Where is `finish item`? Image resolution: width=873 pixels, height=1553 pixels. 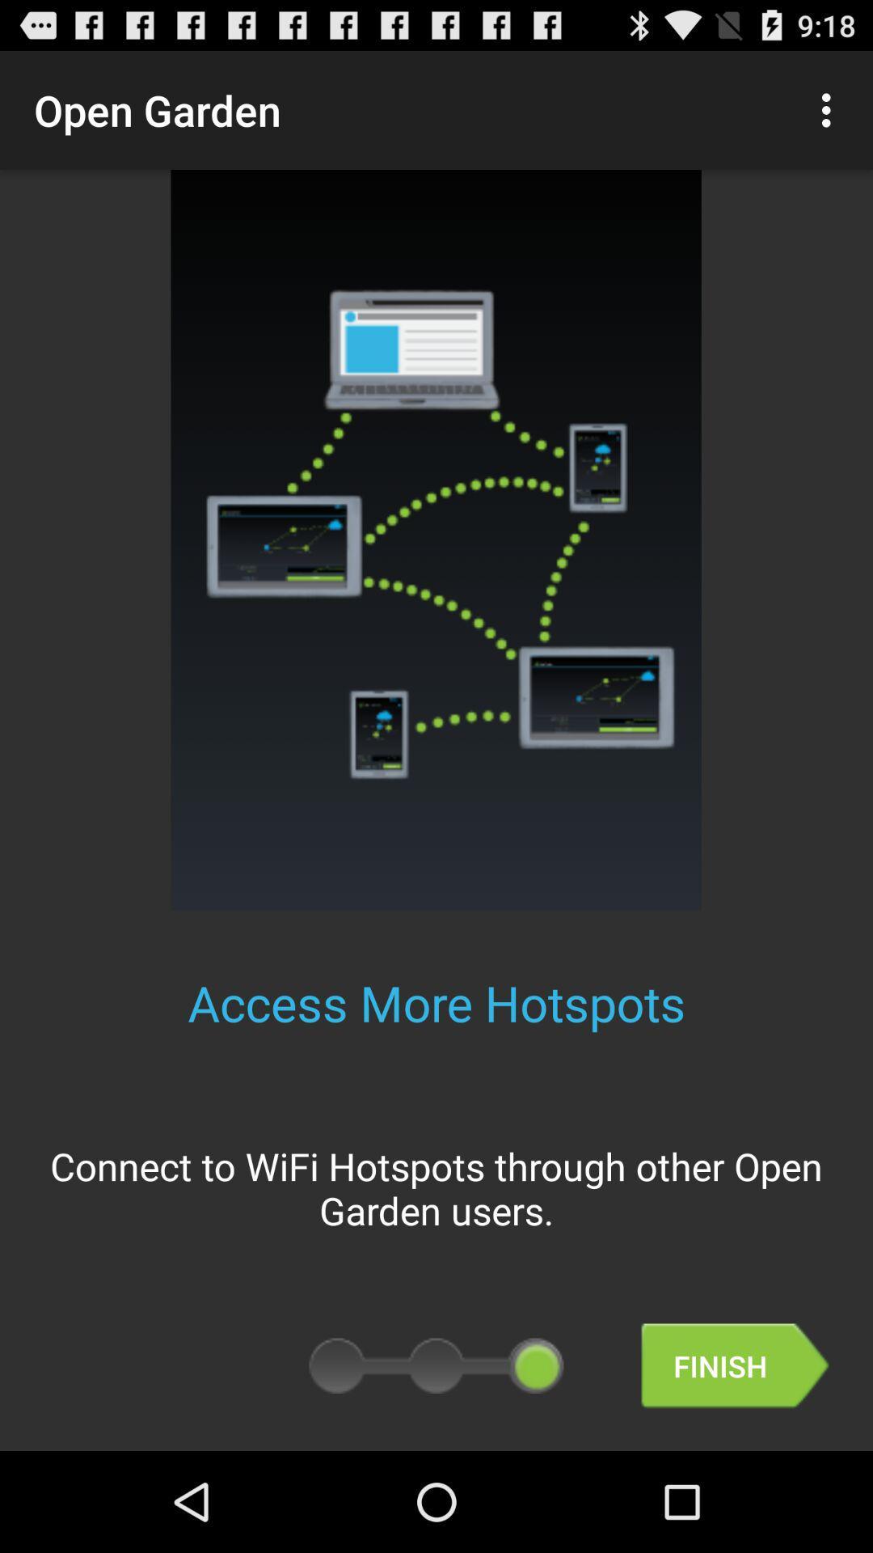 finish item is located at coordinates (735, 1365).